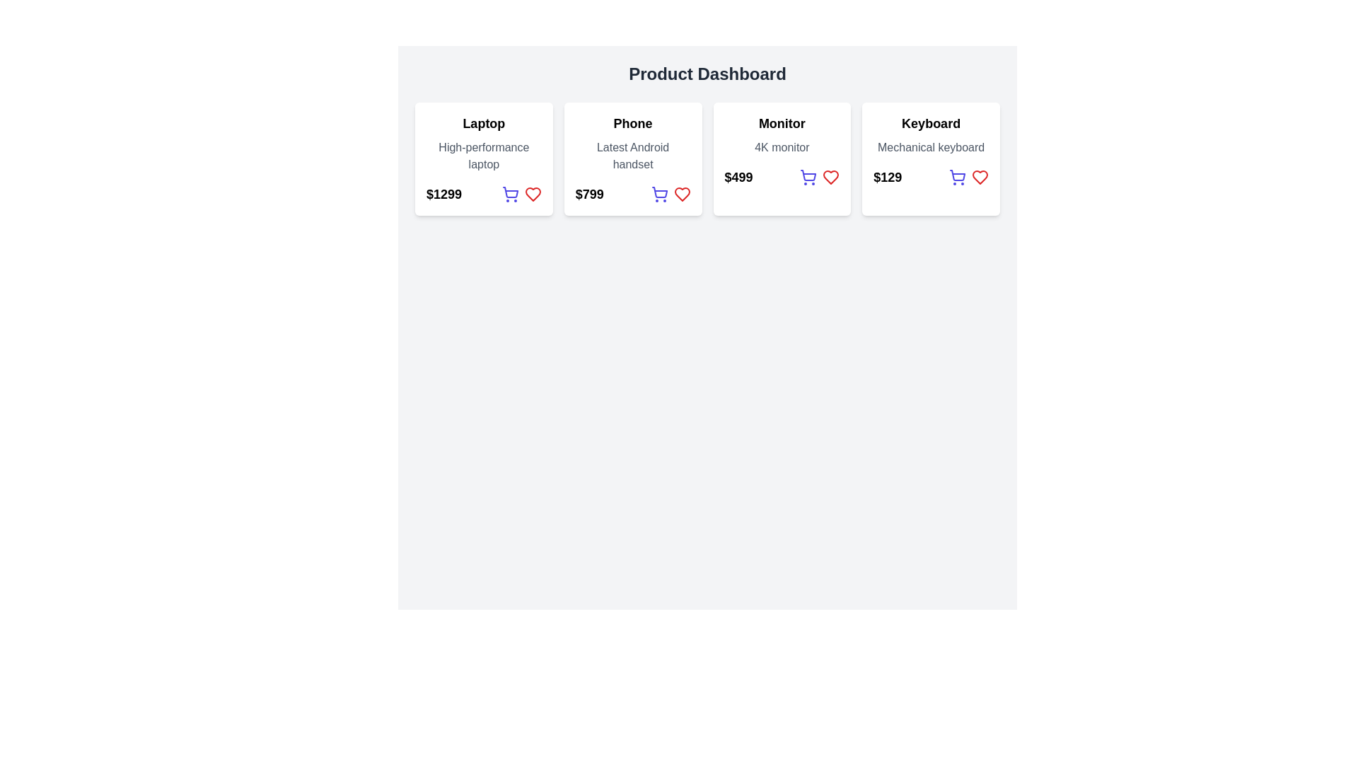 Image resolution: width=1358 pixels, height=764 pixels. What do you see at coordinates (808, 175) in the screenshot?
I see `the main body of the shopping cart icon located in the third card of the product dashboard` at bounding box center [808, 175].